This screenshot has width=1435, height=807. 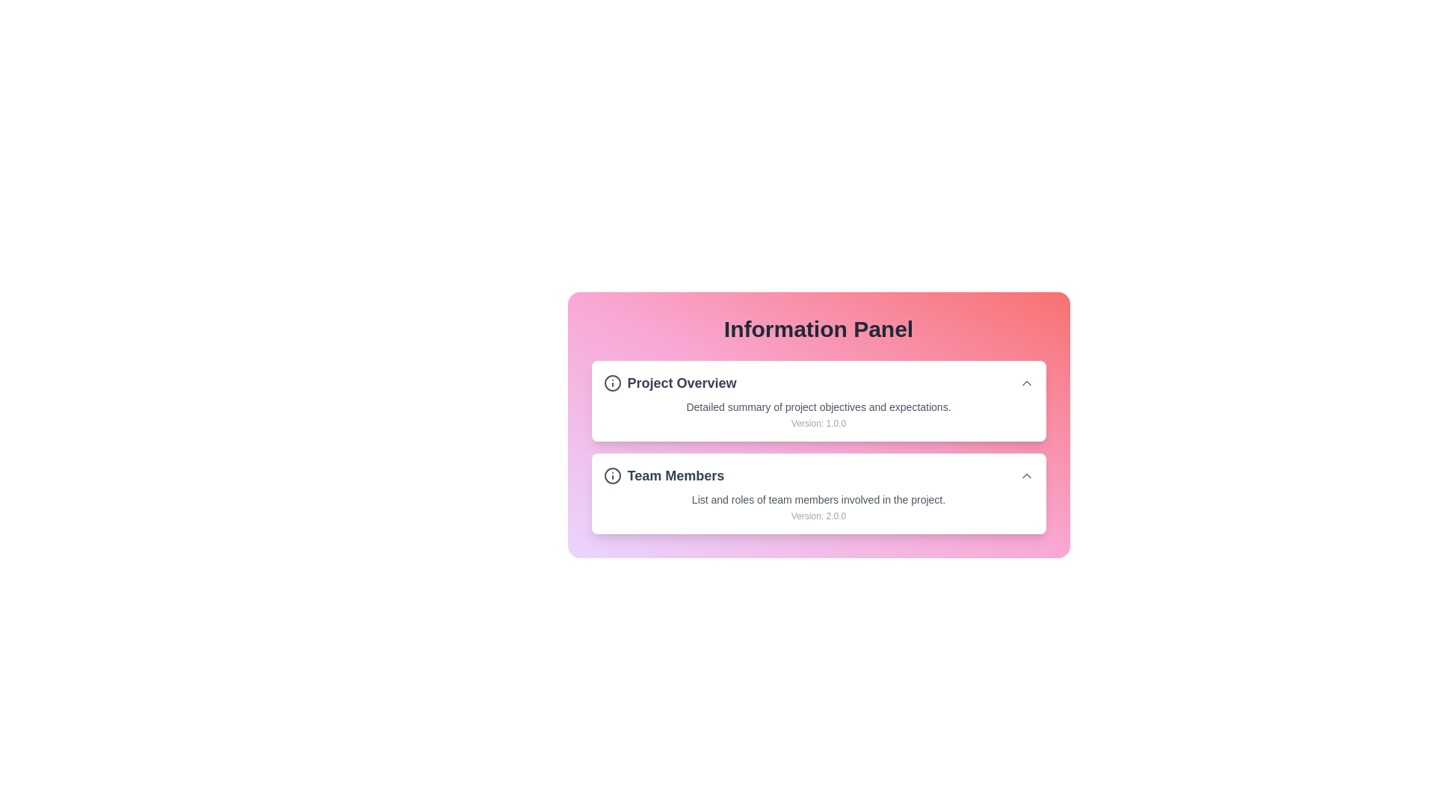 I want to click on the text label displaying 'Version: 2.0.0' located in the 'Team Members' section of the 'Information Panel', positioned below the description of team members, so click(x=818, y=515).